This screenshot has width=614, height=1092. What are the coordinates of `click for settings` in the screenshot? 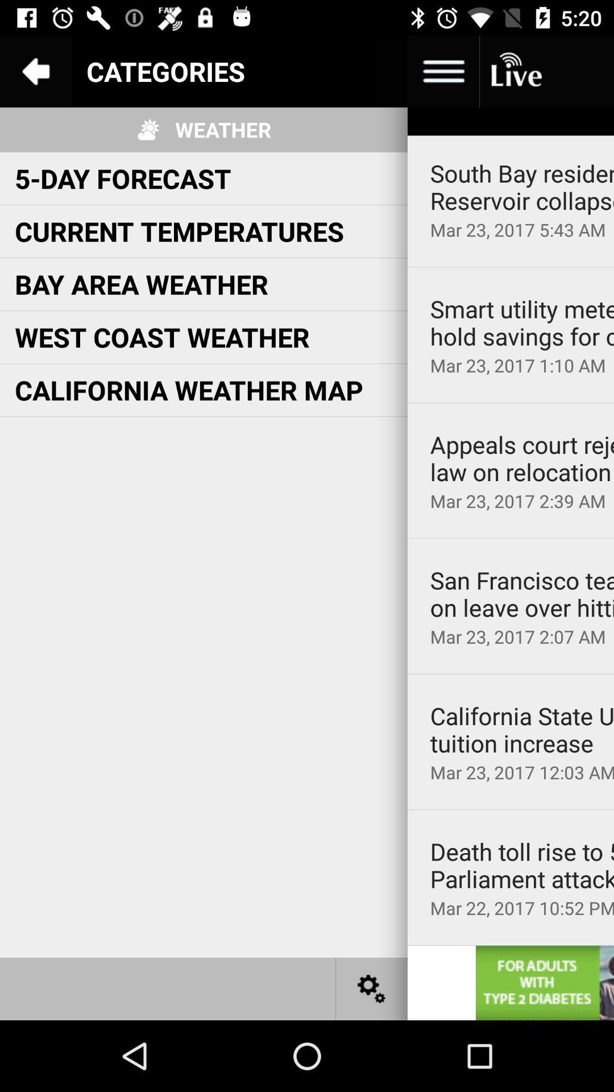 It's located at (372, 988).